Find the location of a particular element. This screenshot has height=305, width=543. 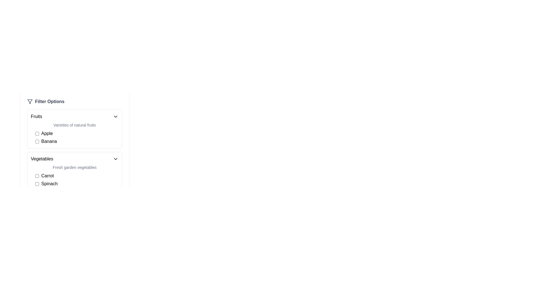

the 'Carrot' checkbox in the 'Vegetables' section to deselect it is located at coordinates (37, 176).